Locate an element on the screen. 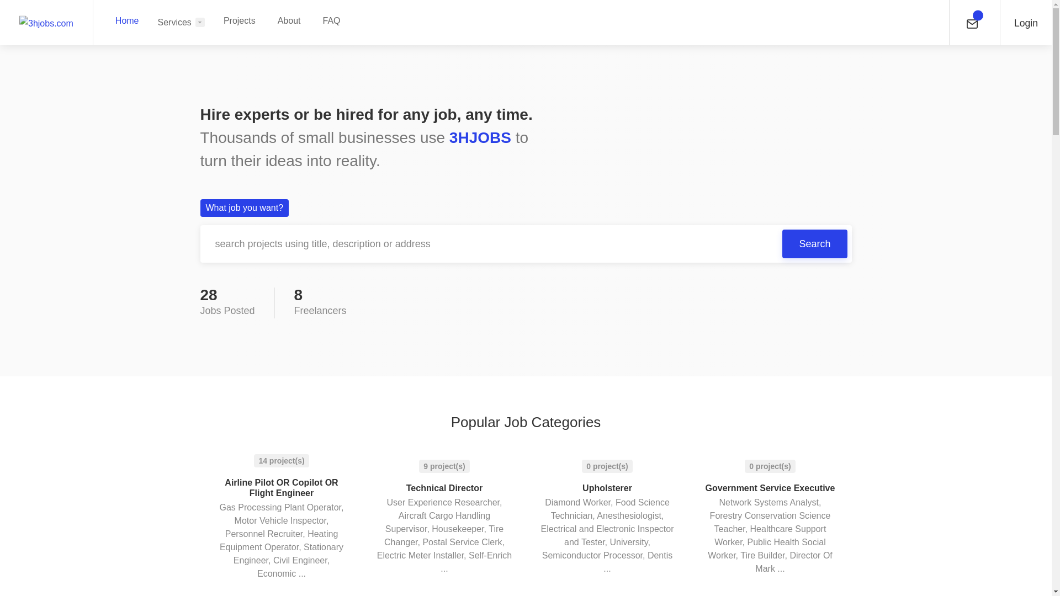 The height and width of the screenshot is (596, 1060). 'Services' is located at coordinates (181, 22).